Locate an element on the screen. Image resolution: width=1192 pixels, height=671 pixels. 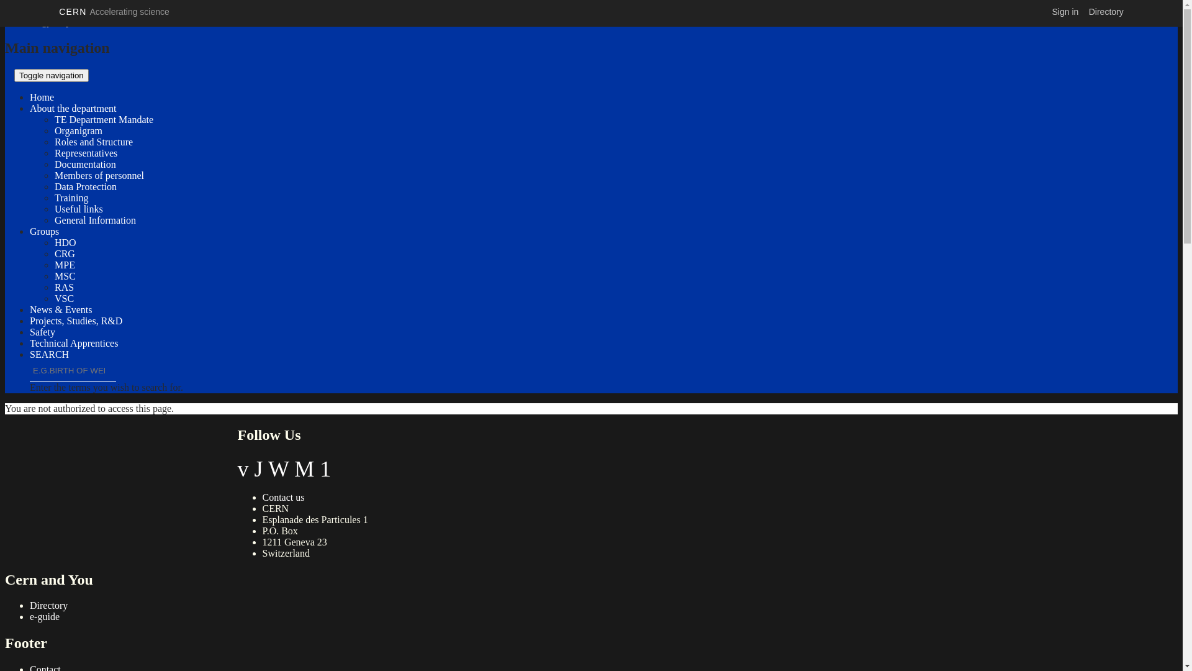
'MPE' is located at coordinates (64, 264).